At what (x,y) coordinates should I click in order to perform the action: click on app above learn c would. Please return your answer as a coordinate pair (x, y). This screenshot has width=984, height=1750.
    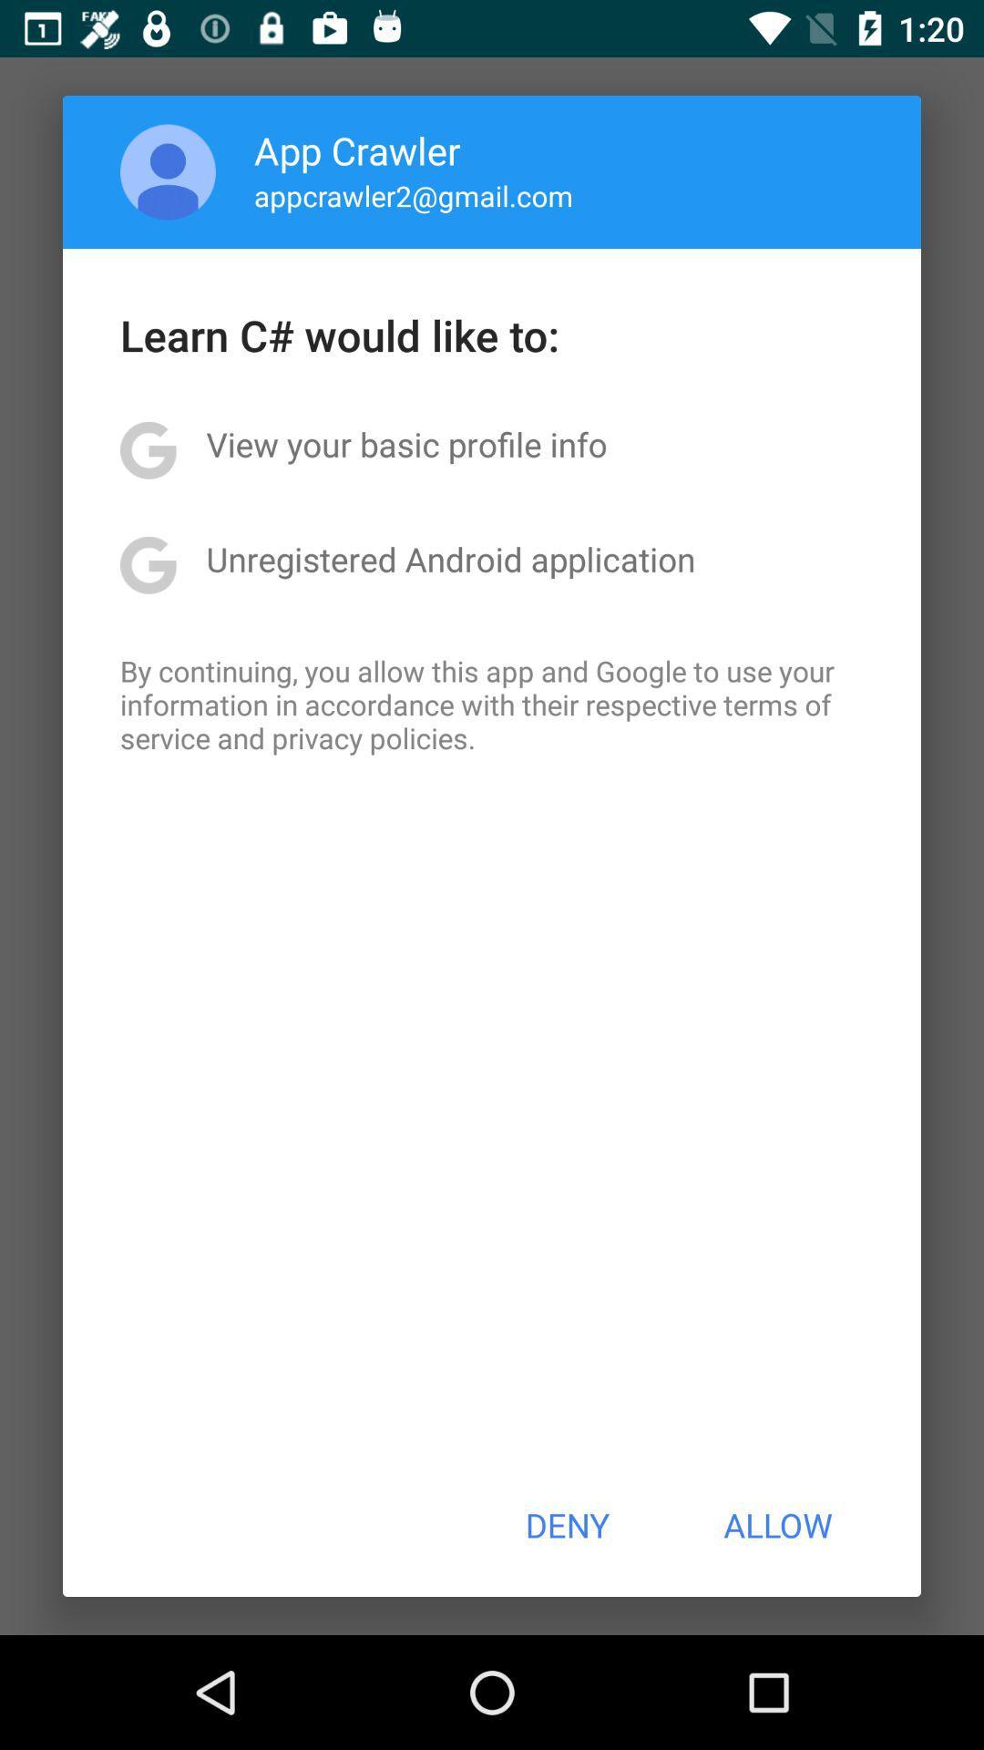
    Looking at the image, I should click on (168, 171).